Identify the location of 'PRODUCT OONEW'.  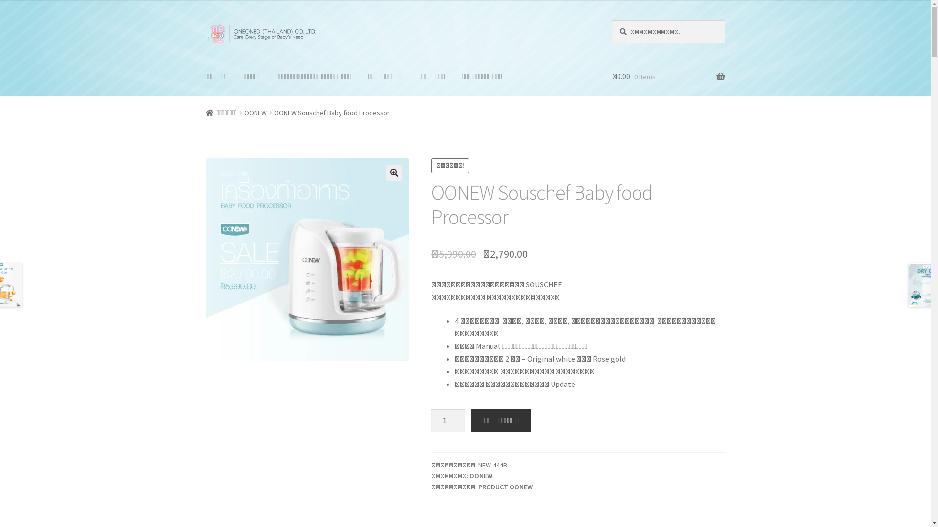
(505, 487).